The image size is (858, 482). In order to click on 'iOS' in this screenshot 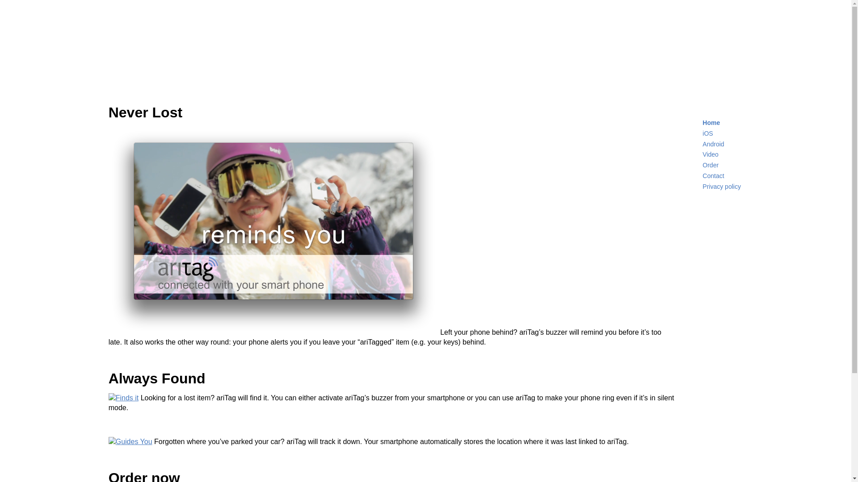, I will do `click(707, 133)`.